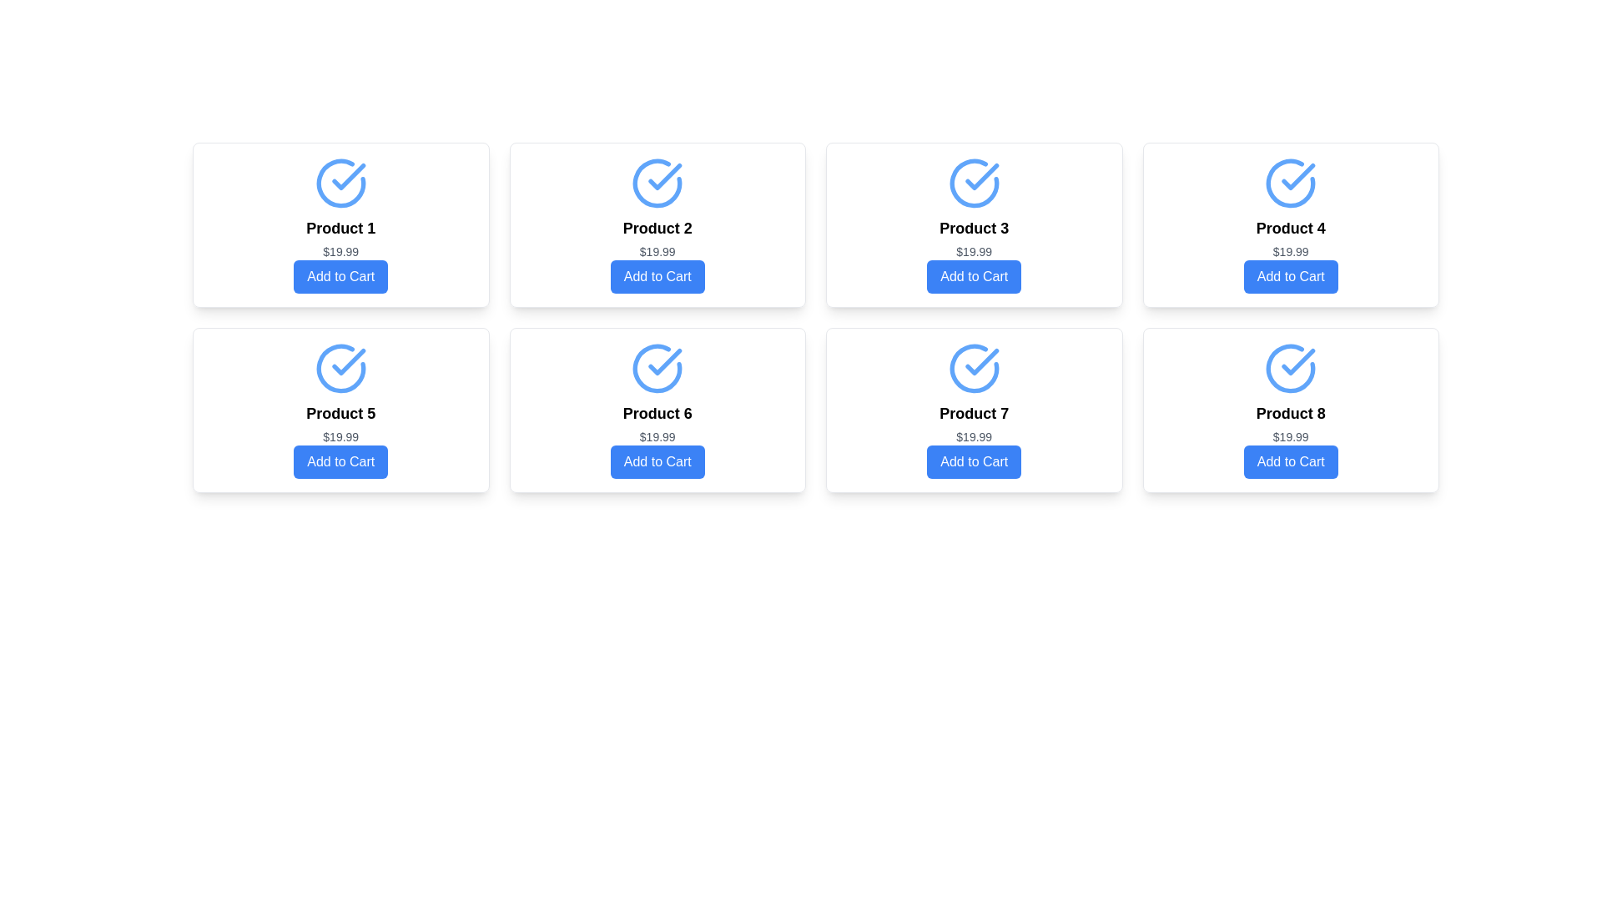 This screenshot has height=901, width=1602. Describe the element at coordinates (974, 368) in the screenshot. I see `the graphical checkmark icon encased within a circle, located at the top section of the card labeled 'Product 7'` at that location.